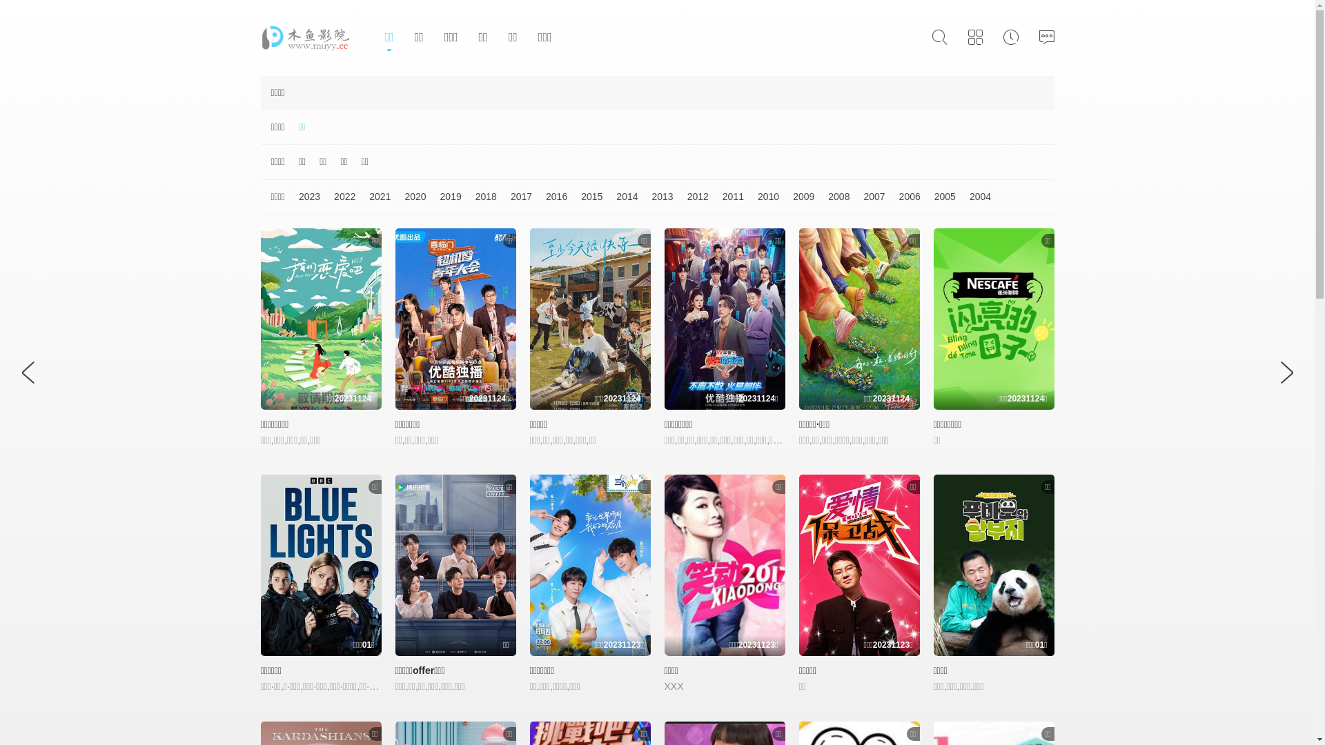 The height and width of the screenshot is (745, 1325). What do you see at coordinates (831, 197) in the screenshot?
I see `'2008'` at bounding box center [831, 197].